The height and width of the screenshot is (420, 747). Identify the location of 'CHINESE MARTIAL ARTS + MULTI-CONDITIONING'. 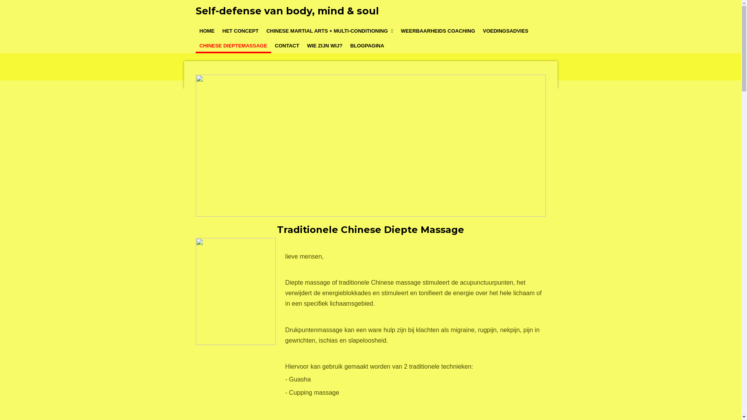
(263, 31).